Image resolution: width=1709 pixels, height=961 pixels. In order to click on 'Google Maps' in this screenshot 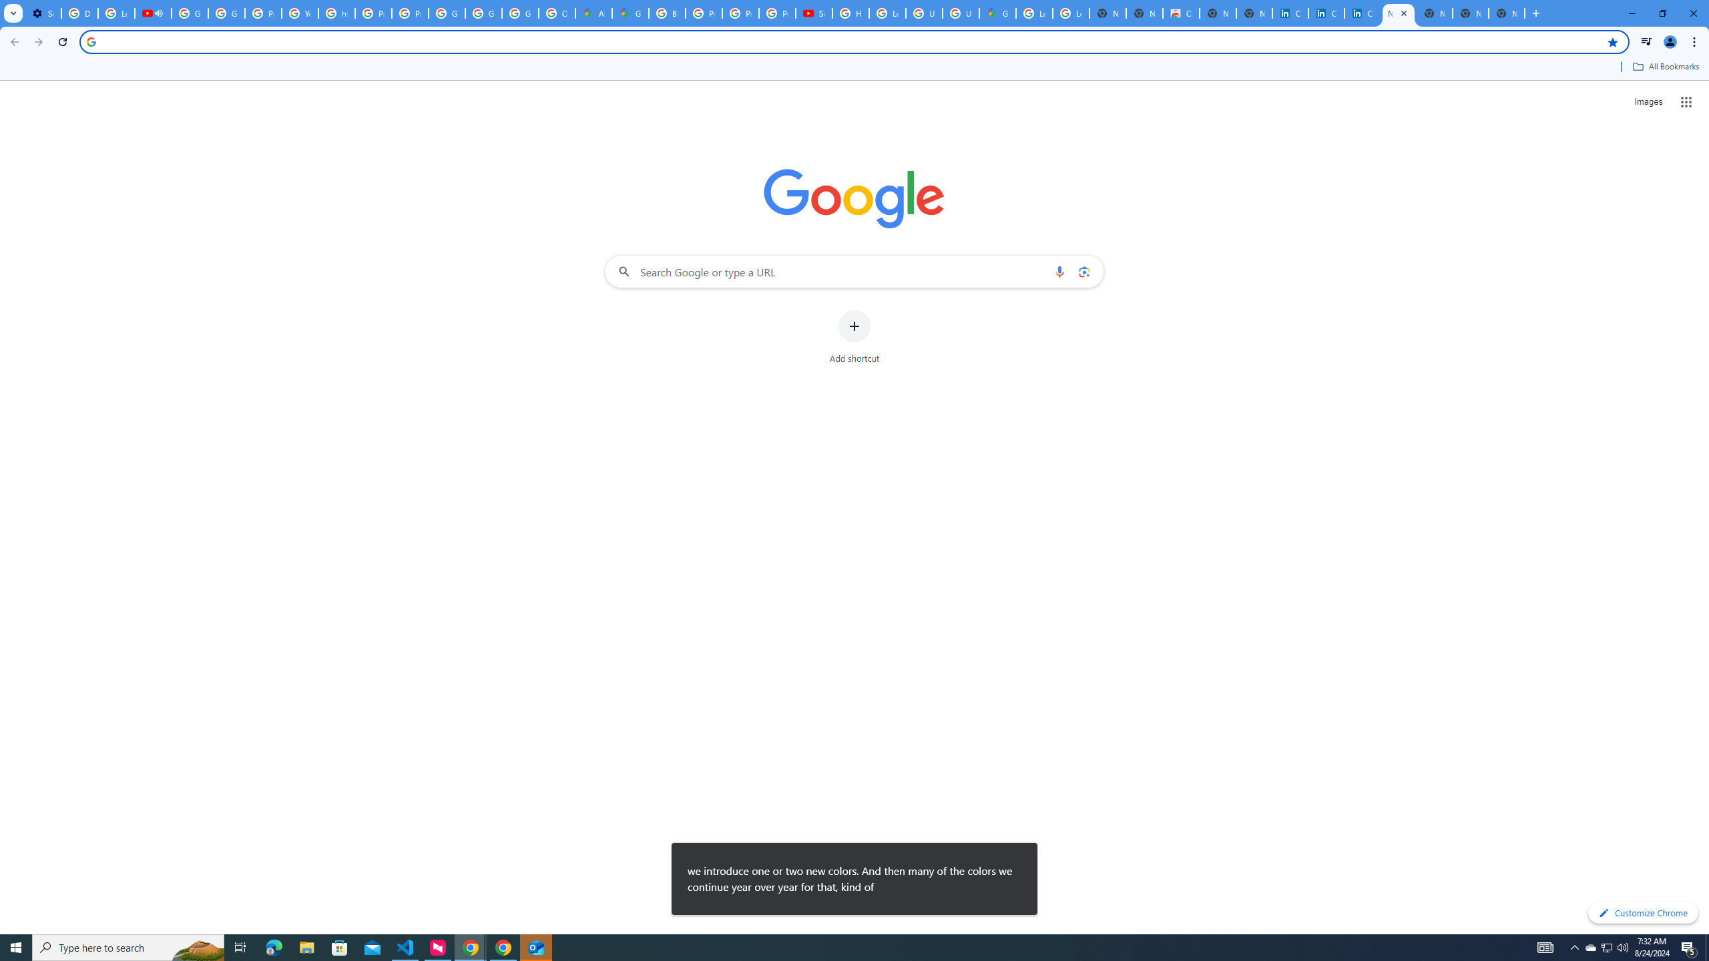, I will do `click(998, 13)`.